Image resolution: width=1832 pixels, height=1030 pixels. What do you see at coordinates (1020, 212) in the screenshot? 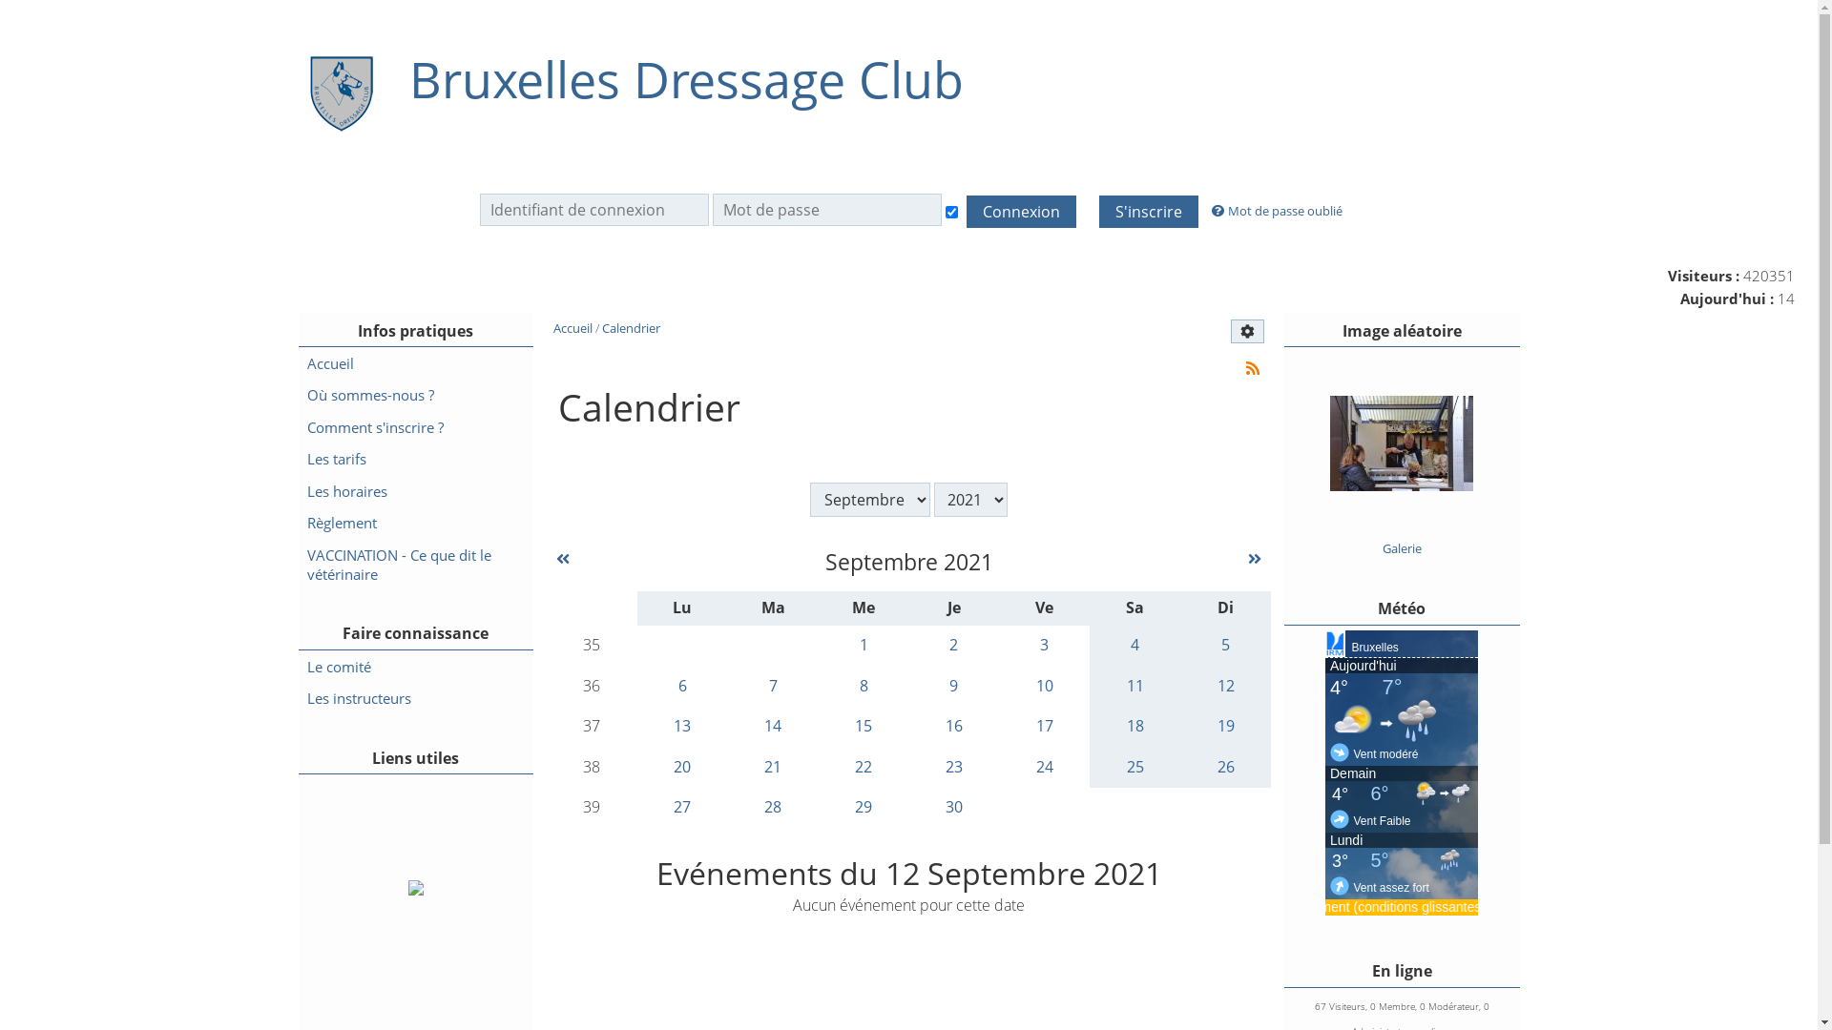
I see `'Connexion'` at bounding box center [1020, 212].